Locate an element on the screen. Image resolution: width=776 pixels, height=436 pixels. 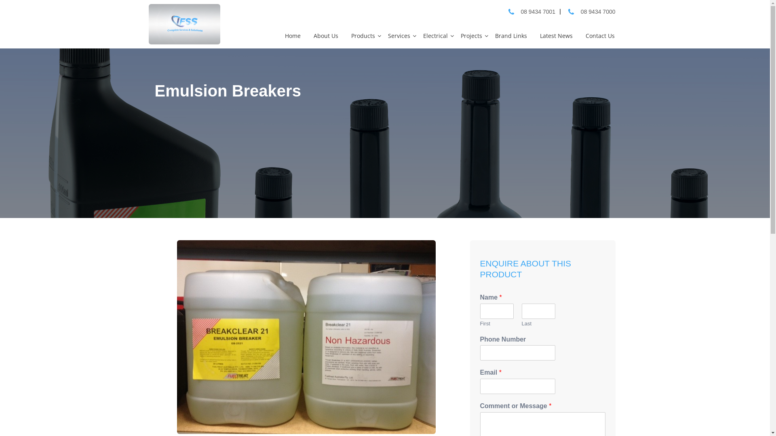
'Integrated Fuel Services and Solutions' is located at coordinates (184, 24).